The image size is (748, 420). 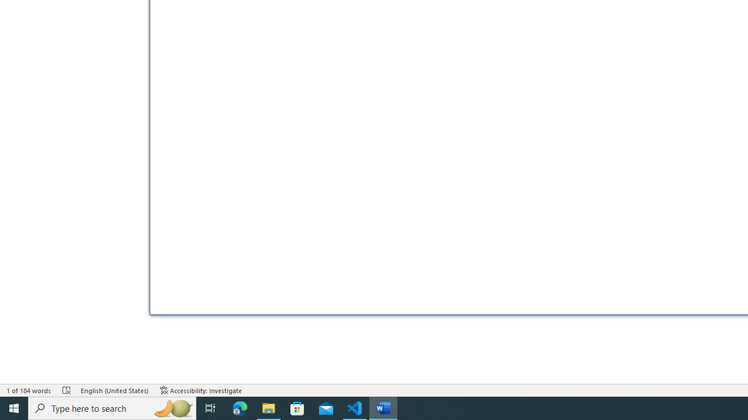 I want to click on 'Search highlights icon opens search home window', so click(x=172, y=407).